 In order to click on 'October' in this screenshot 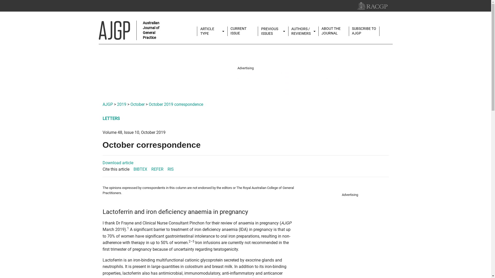, I will do `click(130, 104)`.